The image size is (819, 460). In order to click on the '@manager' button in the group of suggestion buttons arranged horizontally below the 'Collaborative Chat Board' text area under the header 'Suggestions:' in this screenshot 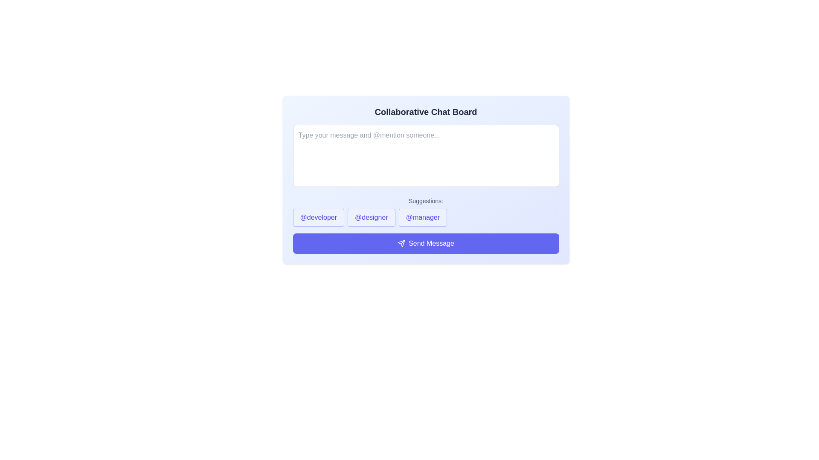, I will do `click(426, 217)`.